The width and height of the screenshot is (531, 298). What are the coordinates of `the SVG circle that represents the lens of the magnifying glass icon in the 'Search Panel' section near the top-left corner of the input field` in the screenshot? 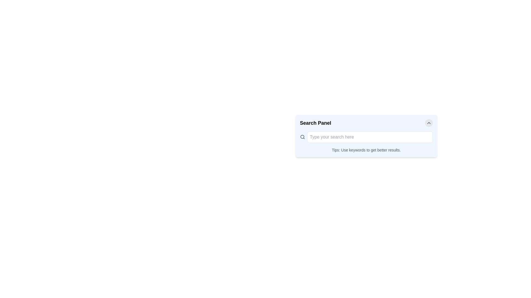 It's located at (302, 137).